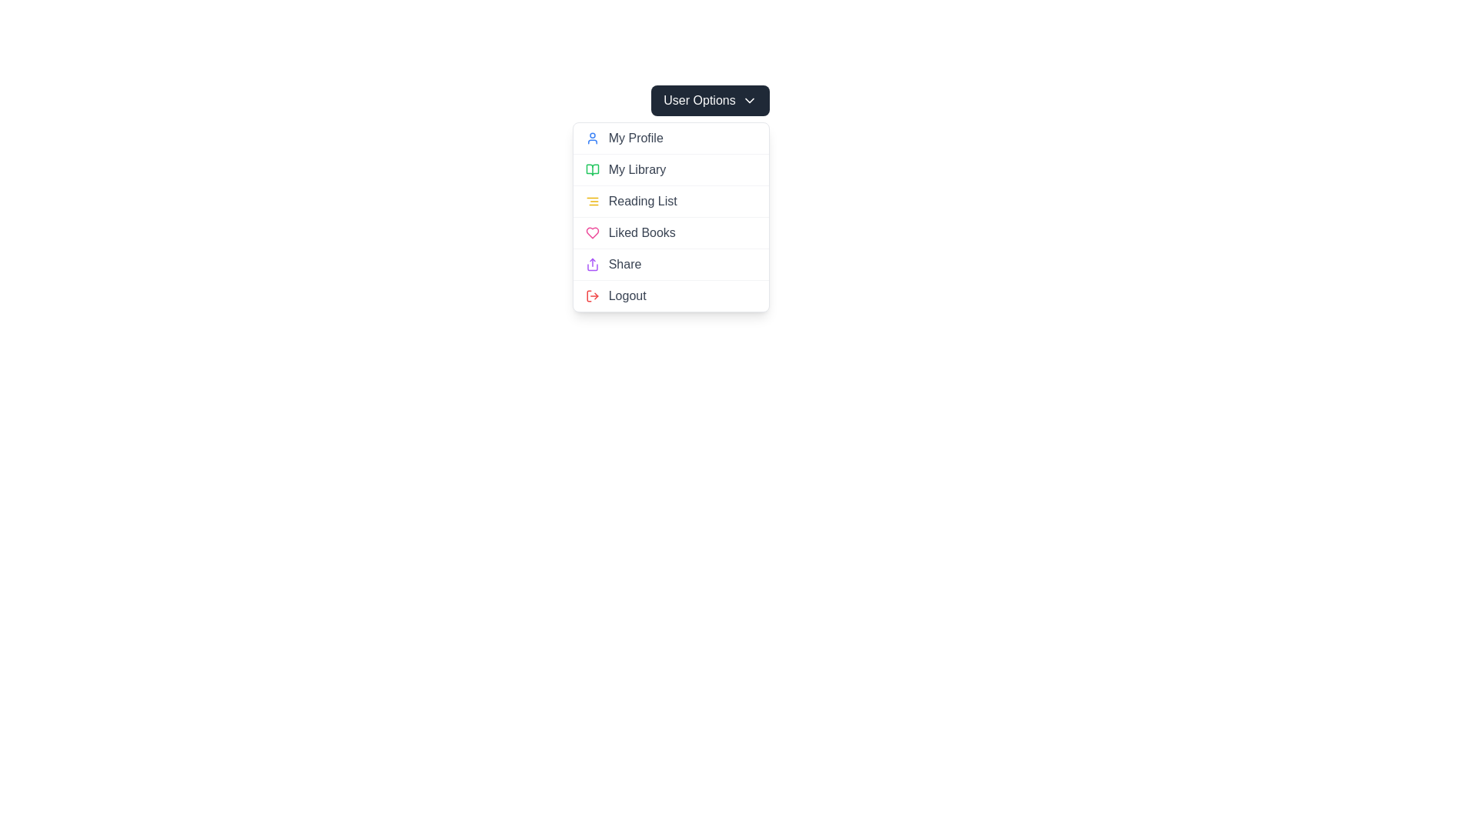 This screenshot has height=831, width=1478. I want to click on the 'Reading List' navigational option in the dropdown menu, which is the third item between 'My Library' and 'Liked Books', so click(643, 201).